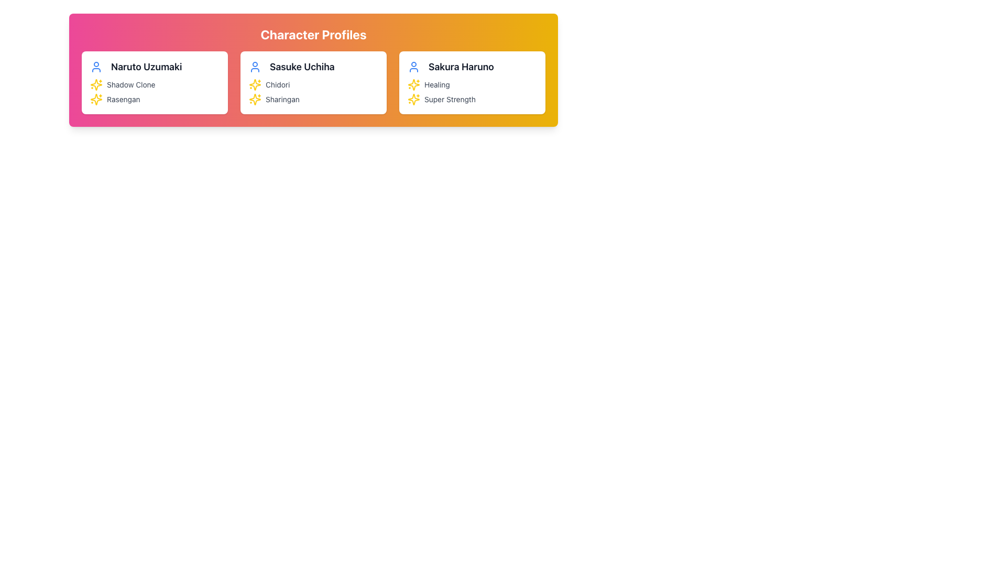  What do you see at coordinates (96, 99) in the screenshot?
I see `the star-shaped yellow icon associated with Naruto Uzumaki's profile, which is the first icon below the name` at bounding box center [96, 99].